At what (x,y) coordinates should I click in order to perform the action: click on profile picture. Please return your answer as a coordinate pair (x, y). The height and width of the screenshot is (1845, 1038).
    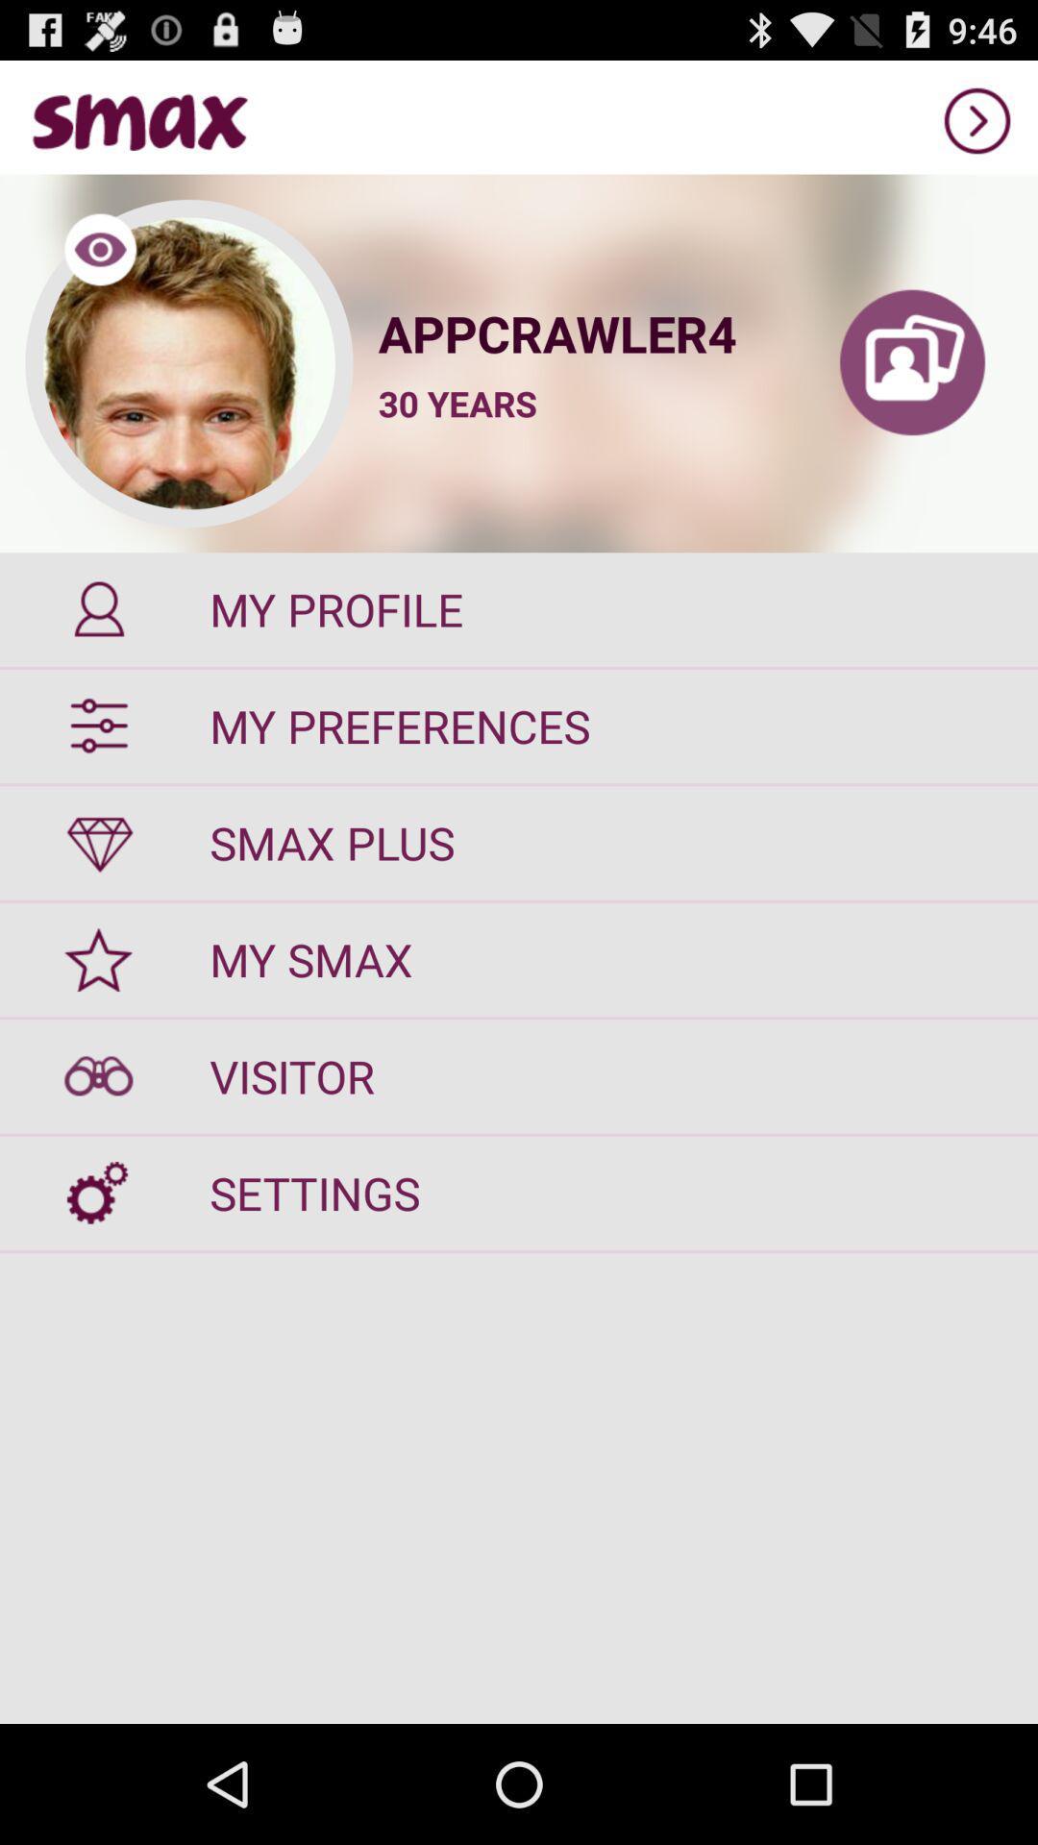
    Looking at the image, I should click on (188, 363).